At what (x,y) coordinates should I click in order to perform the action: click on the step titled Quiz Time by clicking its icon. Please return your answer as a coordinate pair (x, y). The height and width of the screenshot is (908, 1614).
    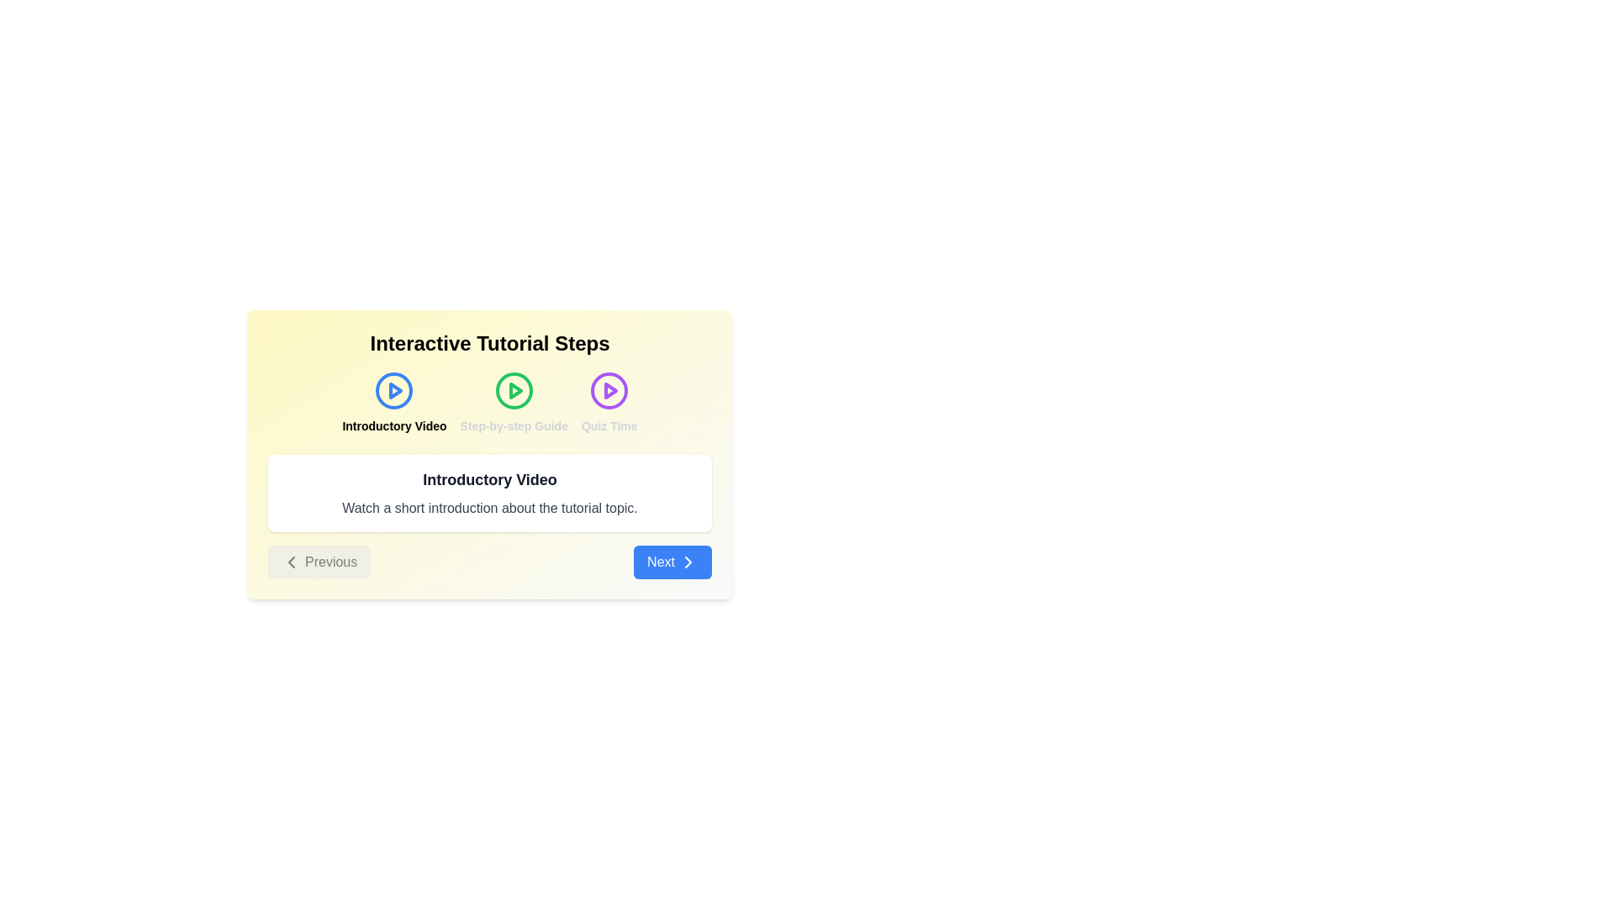
    Looking at the image, I should click on (608, 402).